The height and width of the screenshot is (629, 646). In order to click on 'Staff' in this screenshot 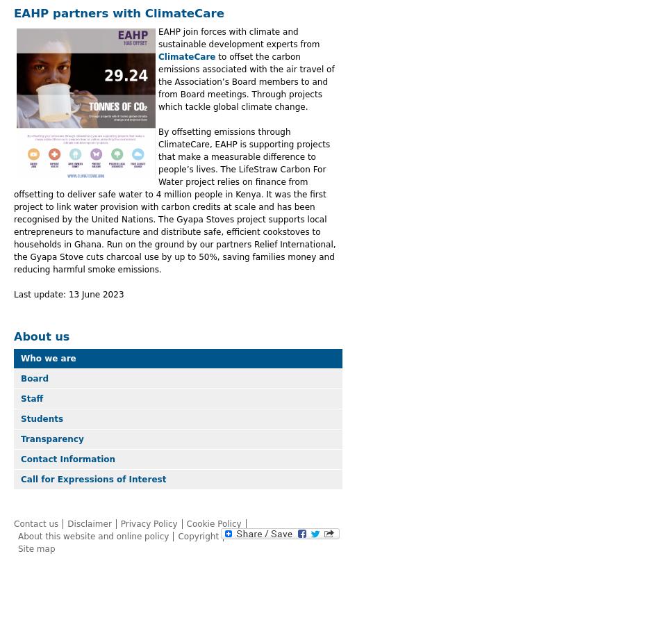, I will do `click(20, 398)`.